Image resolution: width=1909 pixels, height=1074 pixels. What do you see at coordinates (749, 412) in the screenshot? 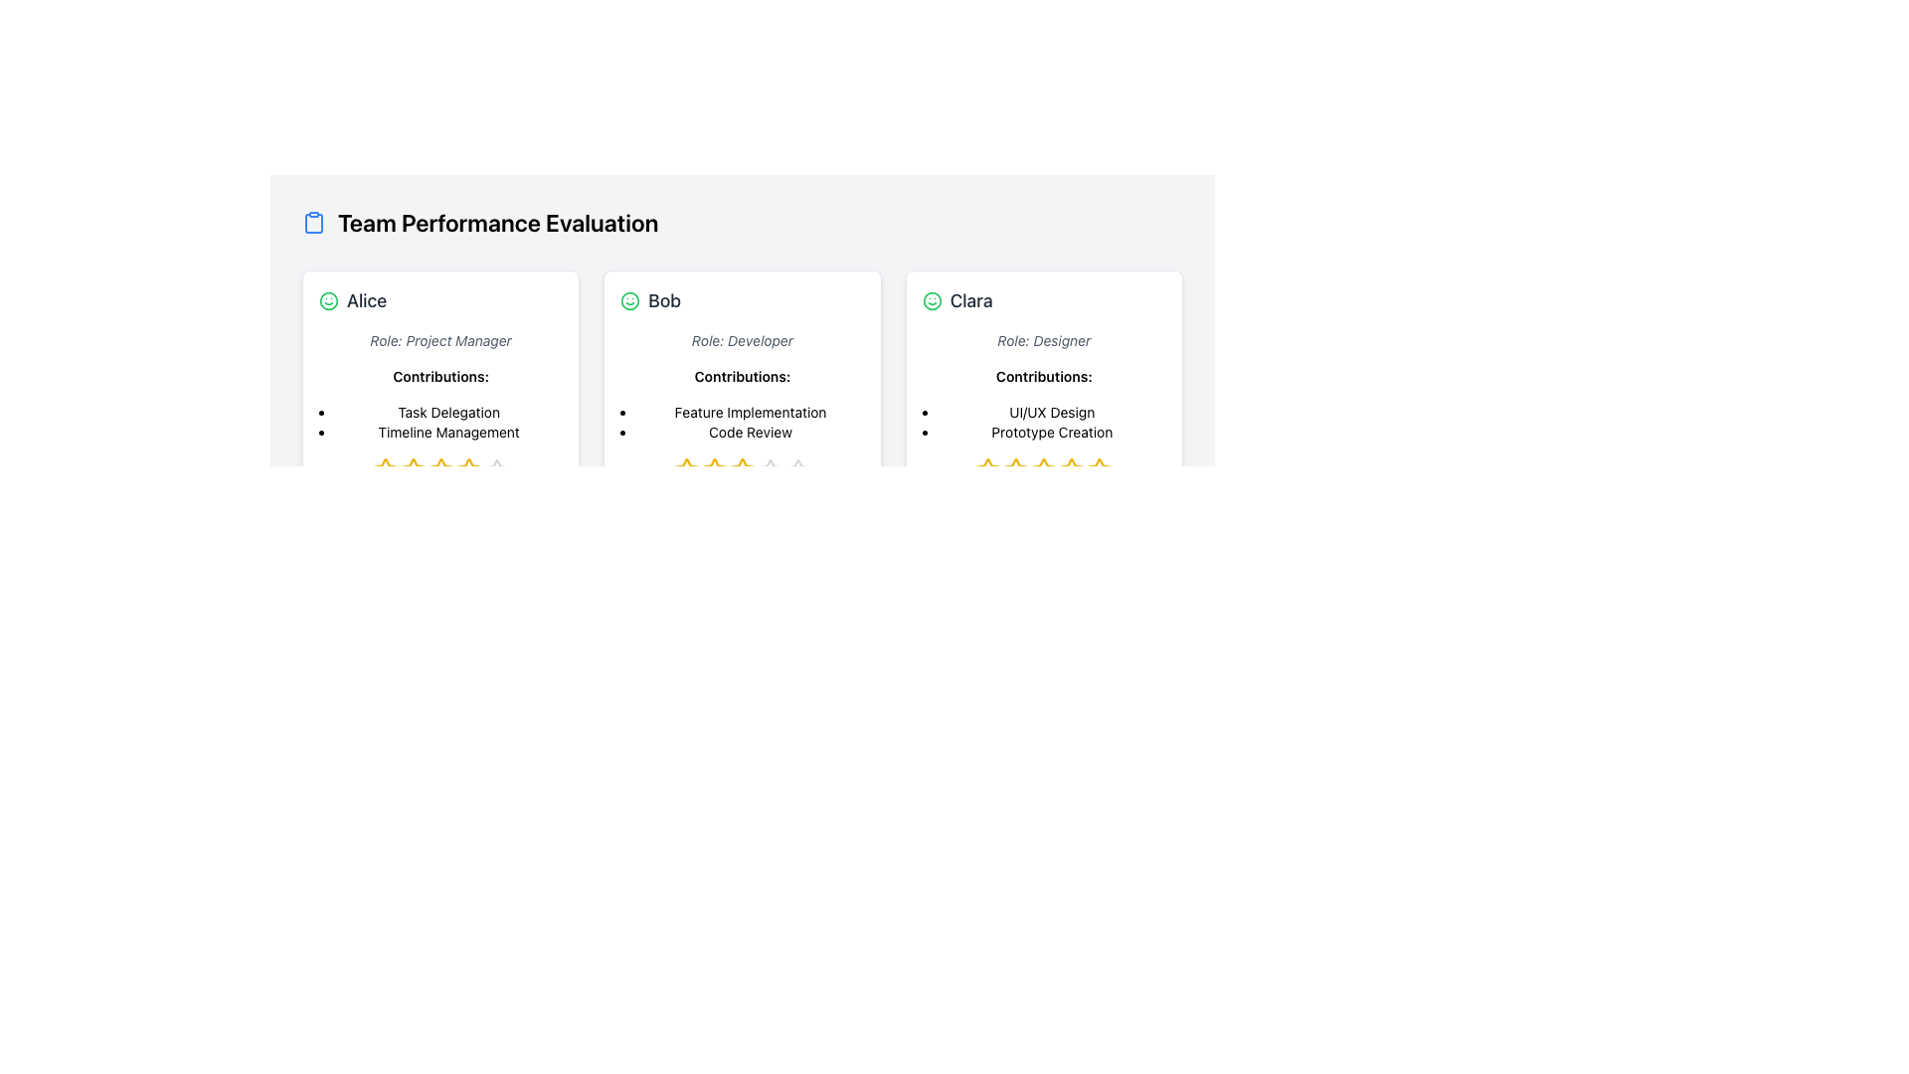
I see `text node that reads 'Feature Implementation', which is the first bullet point under the 'Contributions' section in the card labeled 'Bob'` at bounding box center [749, 412].